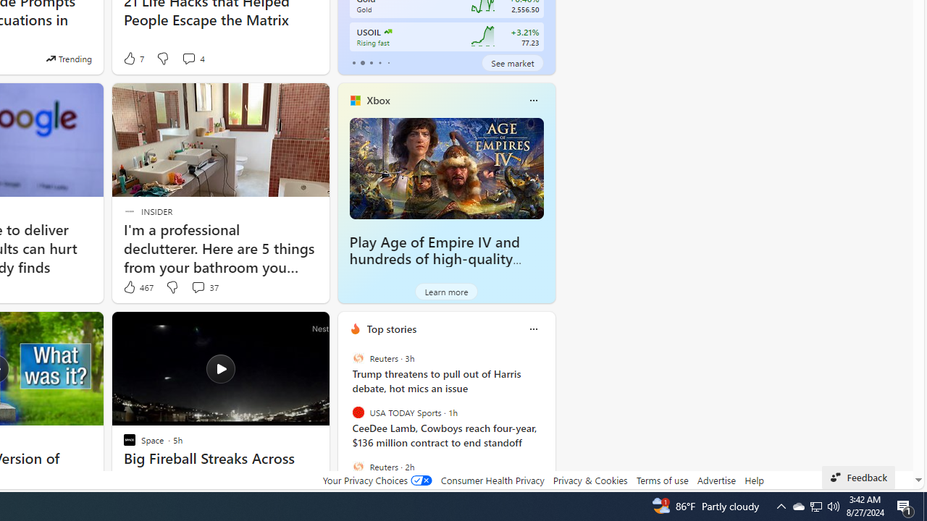  Describe the element at coordinates (492, 480) in the screenshot. I see `'Consumer Health Privacy'` at that location.